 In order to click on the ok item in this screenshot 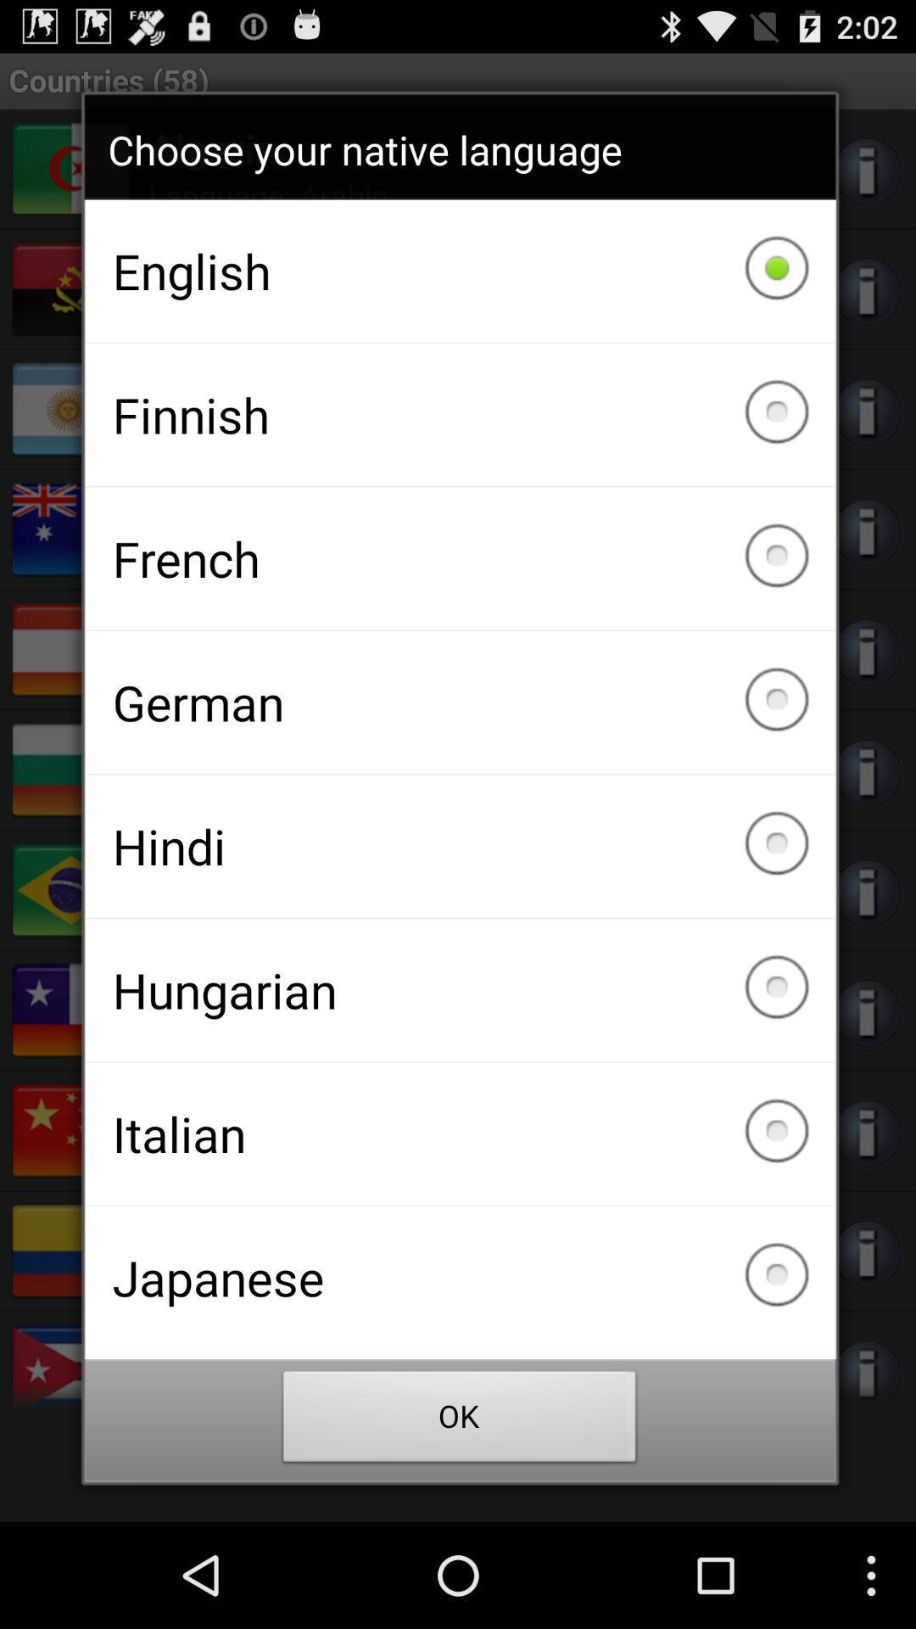, I will do `click(460, 1421)`.